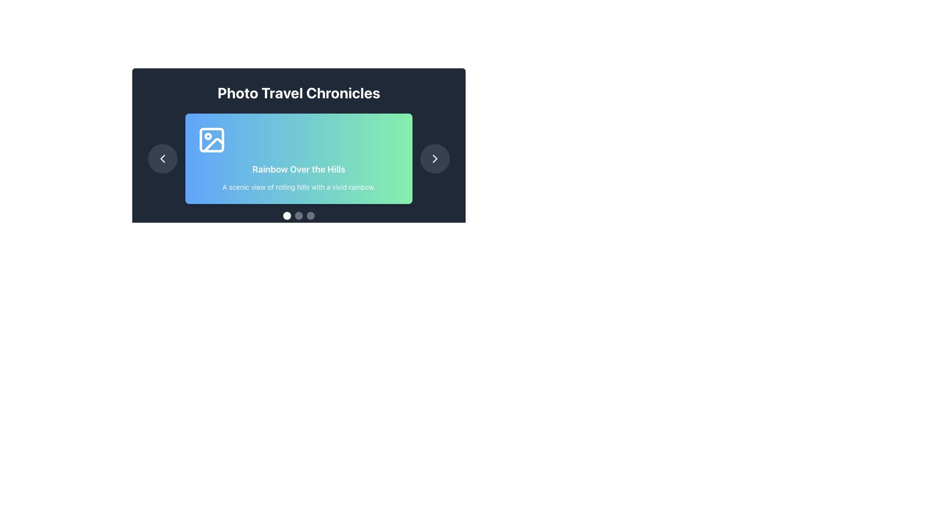  I want to click on the second pagination indicator located centrally below the main content block, so click(298, 215).